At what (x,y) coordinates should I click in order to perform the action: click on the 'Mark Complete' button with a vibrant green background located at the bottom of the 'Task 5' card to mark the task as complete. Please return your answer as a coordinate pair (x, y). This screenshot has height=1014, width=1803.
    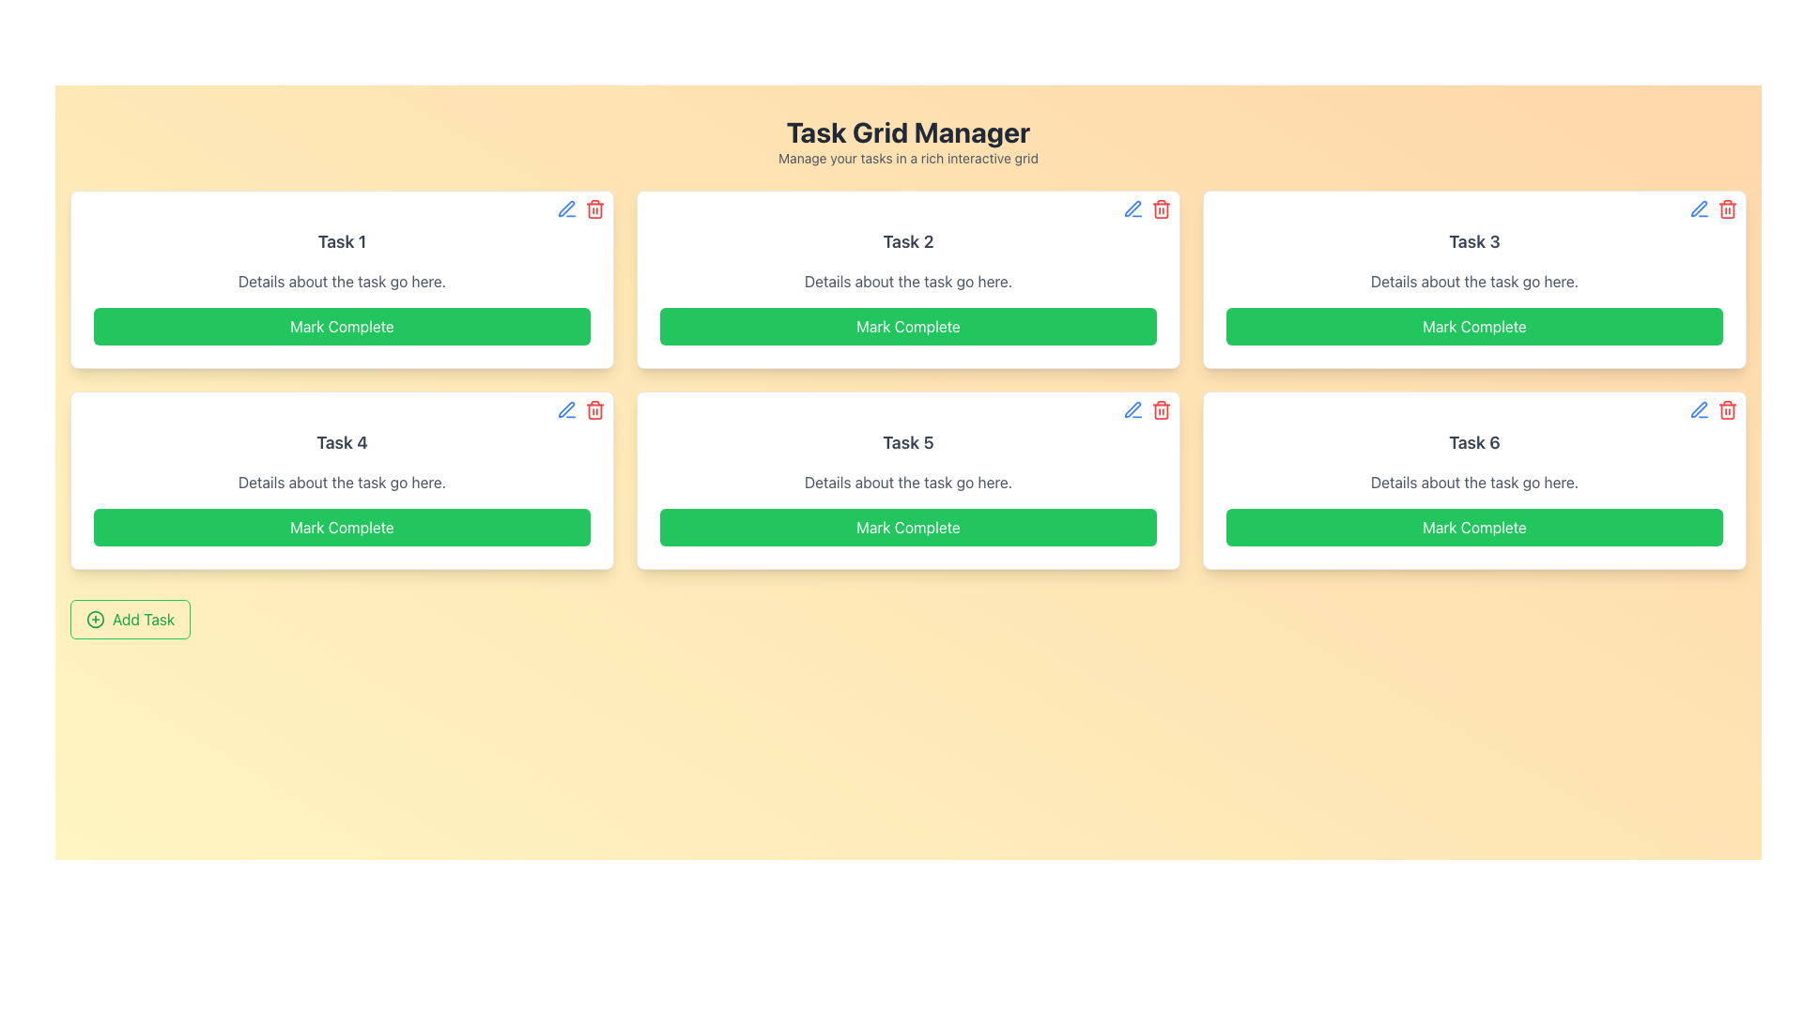
    Looking at the image, I should click on (908, 528).